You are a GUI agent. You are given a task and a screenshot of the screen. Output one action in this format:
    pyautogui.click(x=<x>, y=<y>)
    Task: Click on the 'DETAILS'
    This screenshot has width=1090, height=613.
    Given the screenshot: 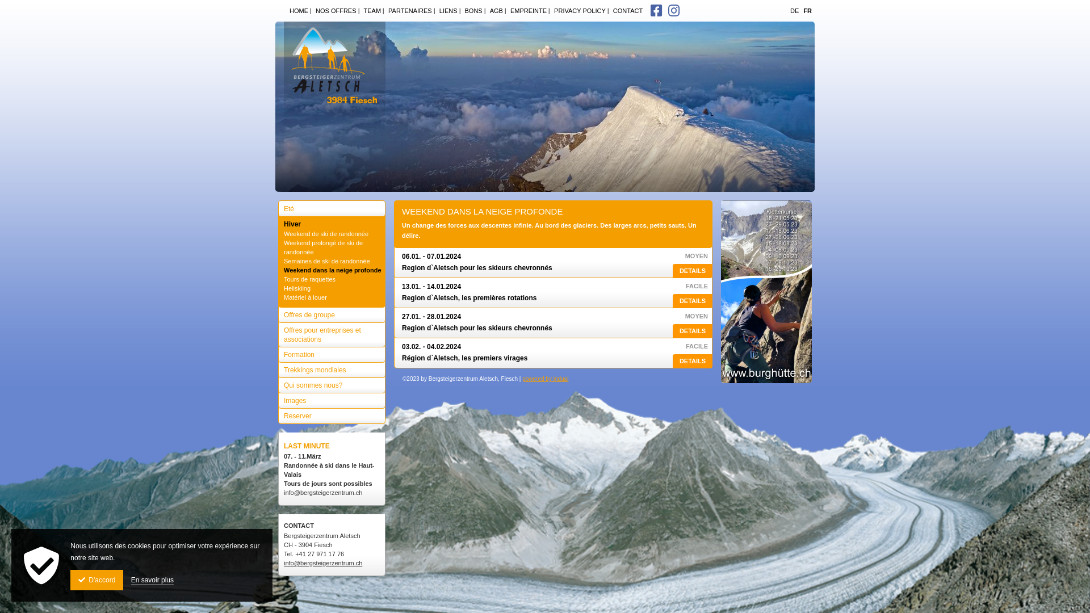 What is the action you would take?
    pyautogui.click(x=691, y=300)
    